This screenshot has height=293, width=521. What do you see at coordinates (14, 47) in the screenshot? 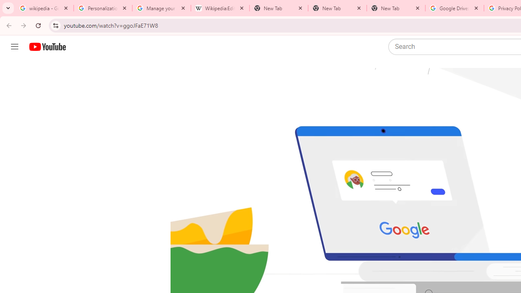
I see `'Guide'` at bounding box center [14, 47].